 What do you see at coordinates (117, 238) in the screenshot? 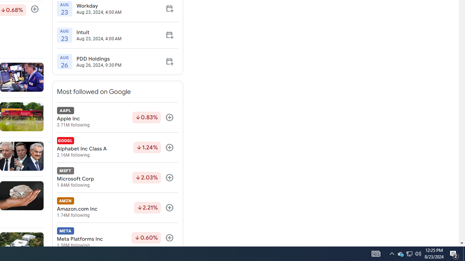
I see `'META Meta Platforms Inc 1.58M following Down by 0.60% Follow'` at bounding box center [117, 238].